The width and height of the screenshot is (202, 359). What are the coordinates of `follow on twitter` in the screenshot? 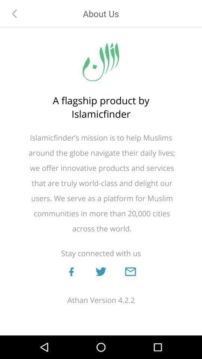 It's located at (101, 271).